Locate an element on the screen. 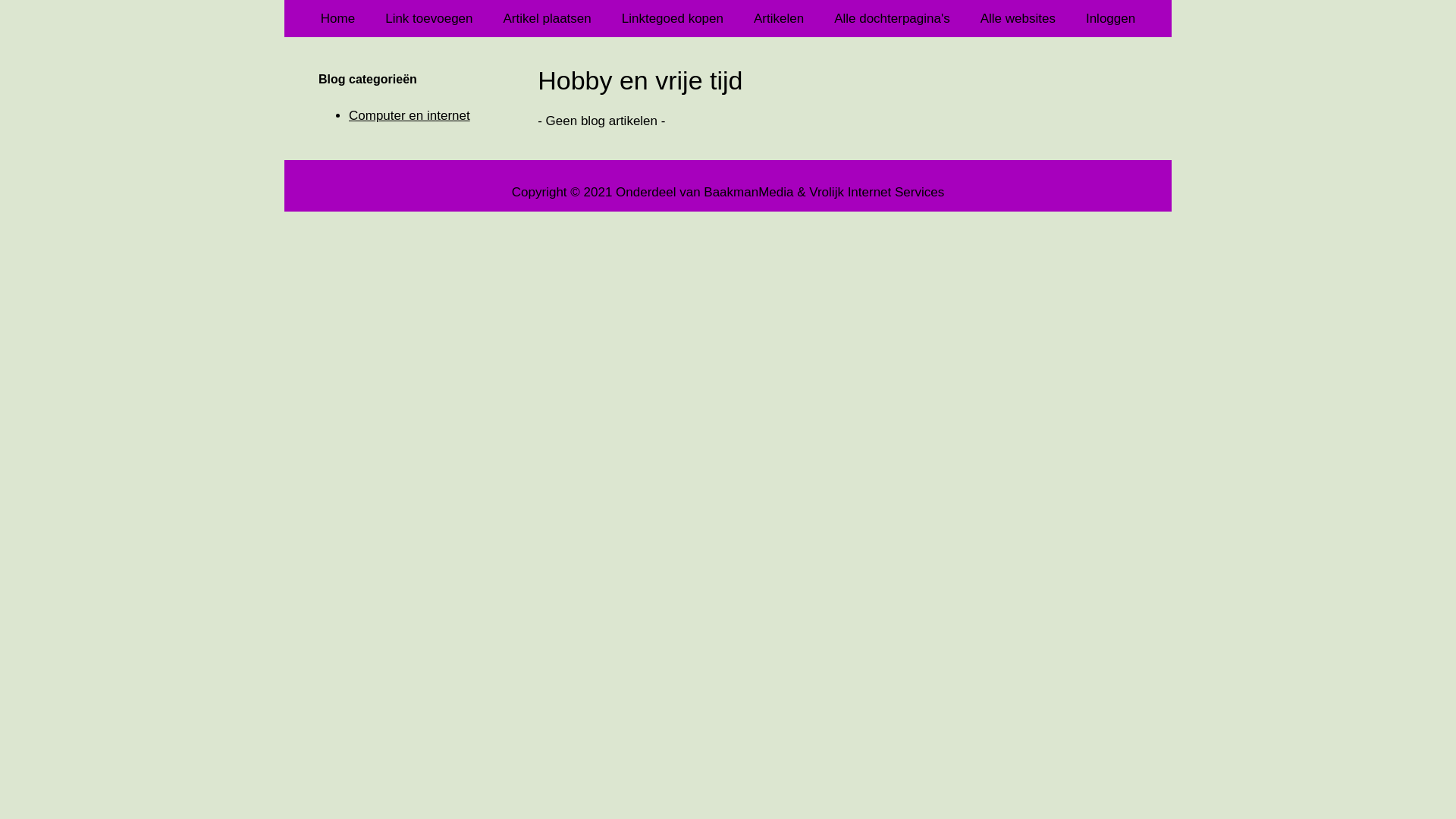 Image resolution: width=1456 pixels, height=819 pixels. 'Alle websites' is located at coordinates (1018, 18).